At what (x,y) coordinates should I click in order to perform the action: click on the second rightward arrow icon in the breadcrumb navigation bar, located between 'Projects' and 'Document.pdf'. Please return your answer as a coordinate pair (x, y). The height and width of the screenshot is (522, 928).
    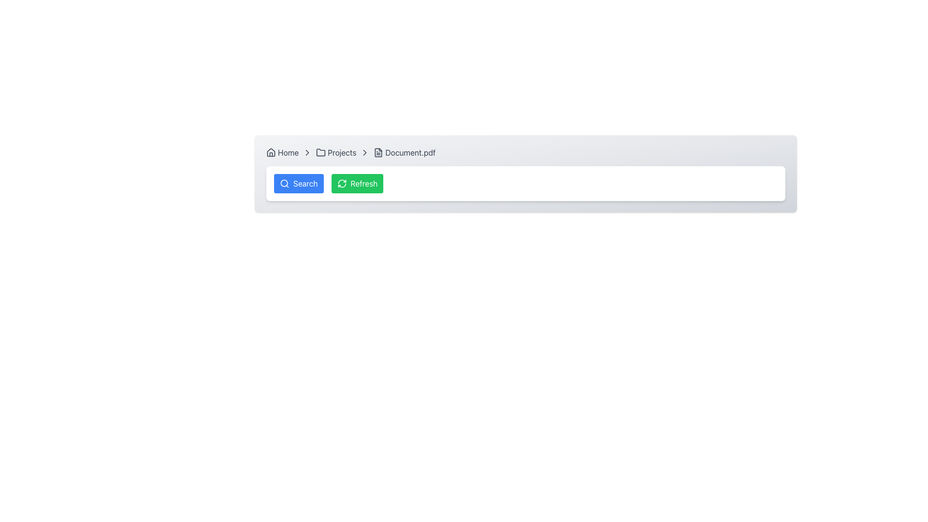
    Looking at the image, I should click on (364, 152).